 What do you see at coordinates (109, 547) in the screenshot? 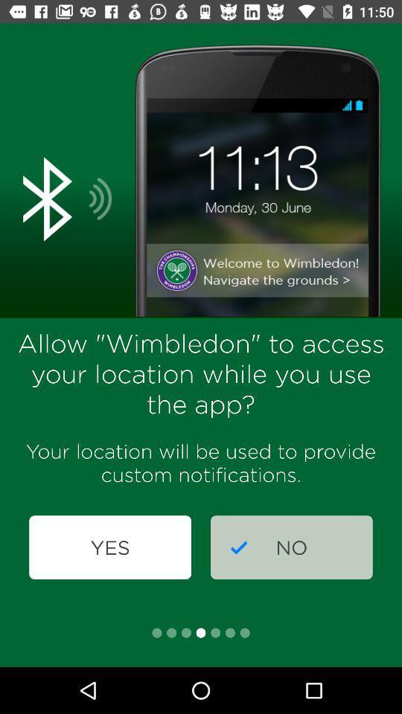
I see `the yes` at bounding box center [109, 547].